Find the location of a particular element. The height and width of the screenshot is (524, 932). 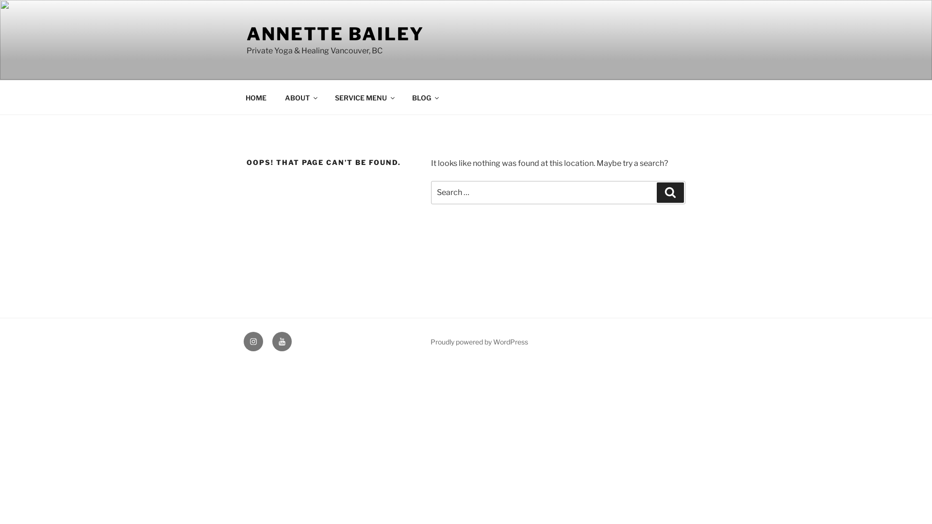

'Search' is located at coordinates (670, 193).